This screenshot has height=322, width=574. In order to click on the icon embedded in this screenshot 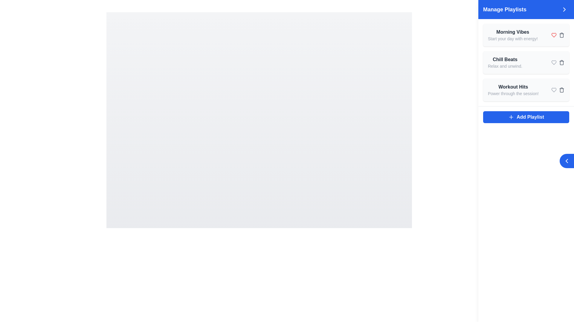, I will do `click(567, 161)`.